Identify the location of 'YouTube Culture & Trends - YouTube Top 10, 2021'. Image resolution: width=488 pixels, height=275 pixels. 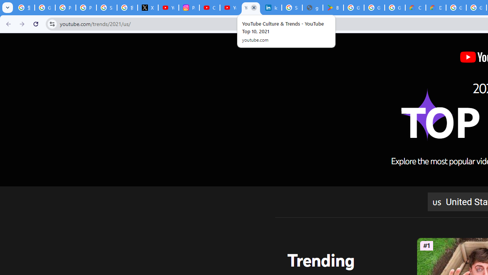
(250, 8).